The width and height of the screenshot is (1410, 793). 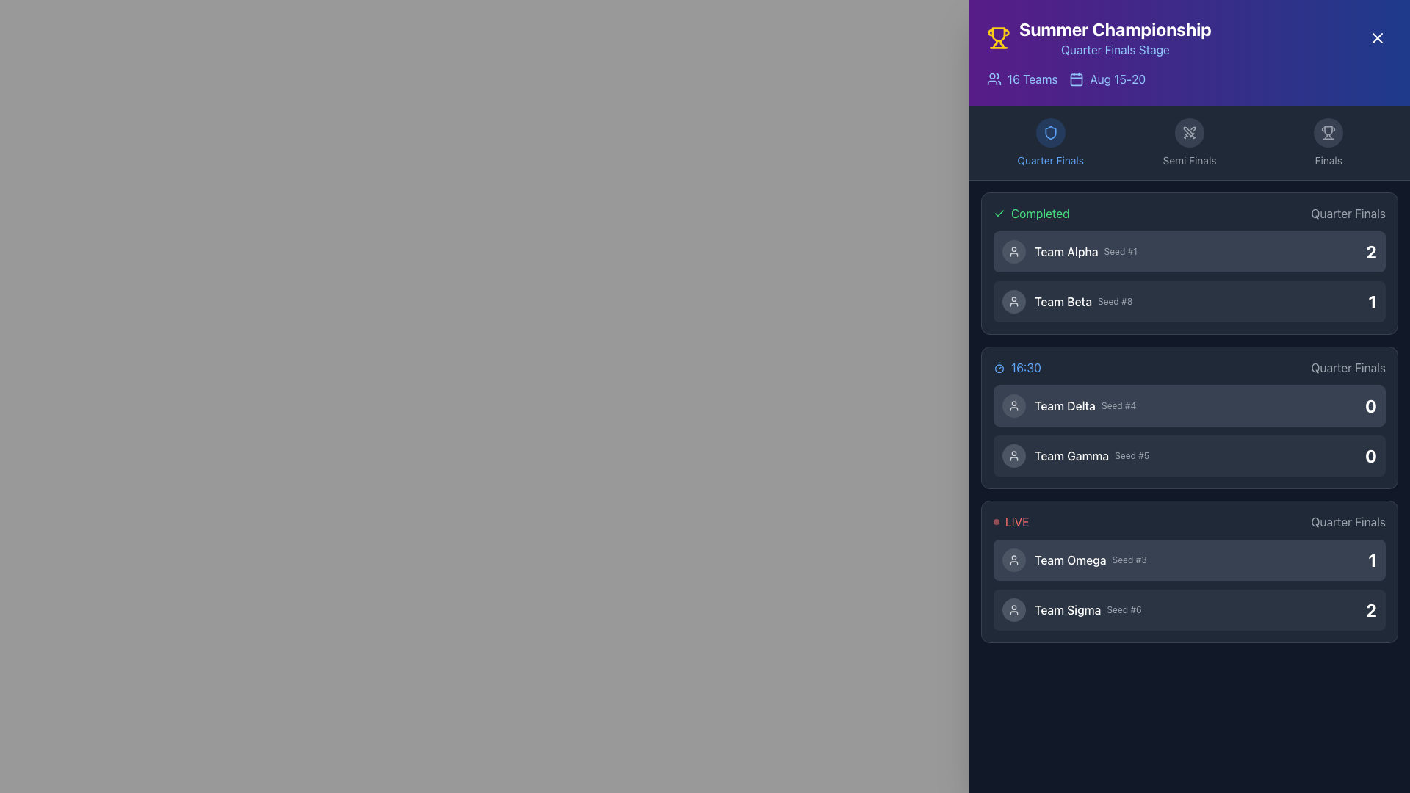 What do you see at coordinates (1013, 251) in the screenshot?
I see `the profile picture placeholder for 'Team Alpha', which is the first element in a horizontal layout containing team information` at bounding box center [1013, 251].